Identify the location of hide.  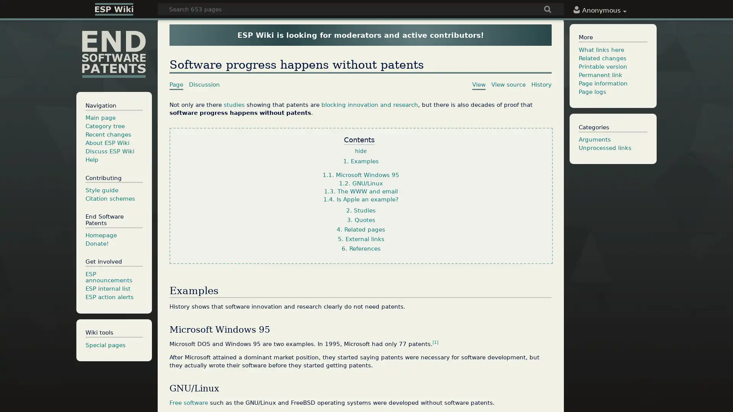
(360, 151).